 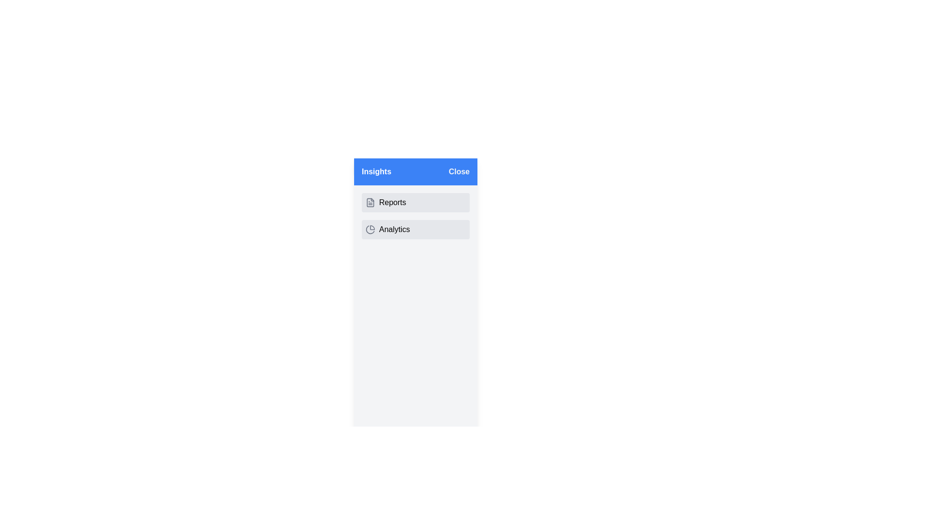 I want to click on the menu selection list element in the sidebar to interact with the 'Reports' or 'Analytics' options, so click(x=416, y=215).